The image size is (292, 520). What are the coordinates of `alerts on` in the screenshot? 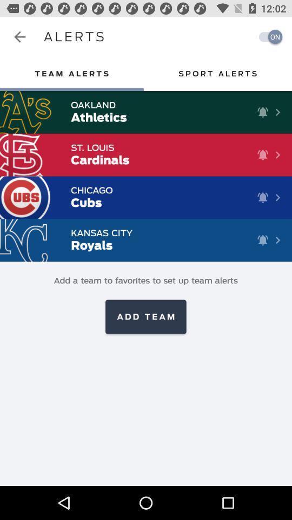 It's located at (267, 37).